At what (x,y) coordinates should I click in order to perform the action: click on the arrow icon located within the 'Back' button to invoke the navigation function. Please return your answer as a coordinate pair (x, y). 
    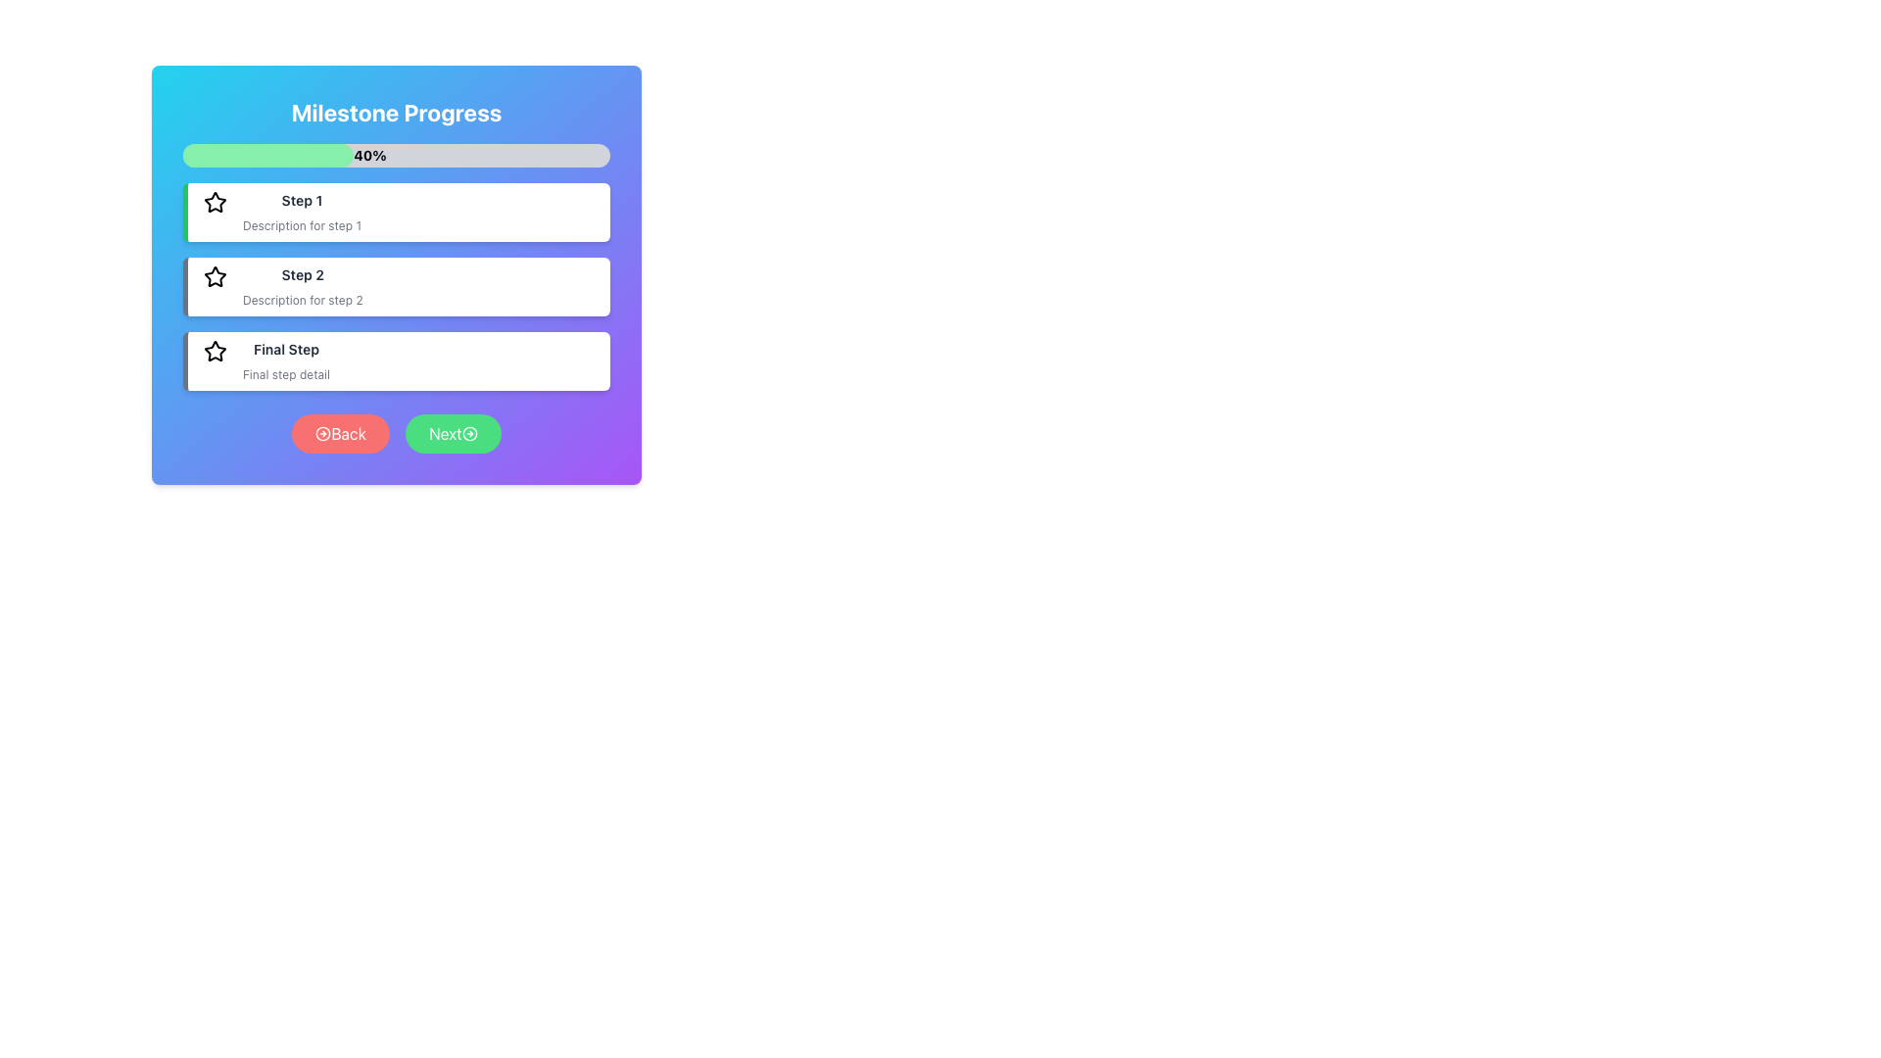
    Looking at the image, I should click on (323, 433).